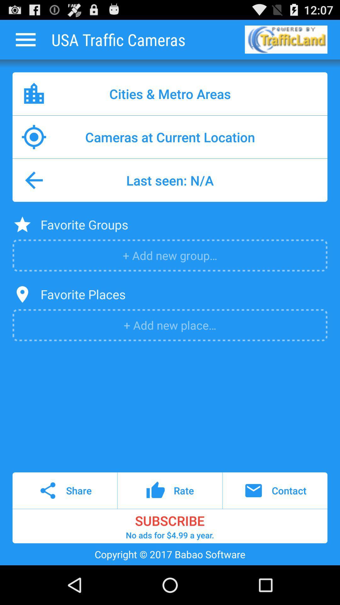 The width and height of the screenshot is (340, 605). What do you see at coordinates (25, 39) in the screenshot?
I see `icon next to usa traffic cameras icon` at bounding box center [25, 39].